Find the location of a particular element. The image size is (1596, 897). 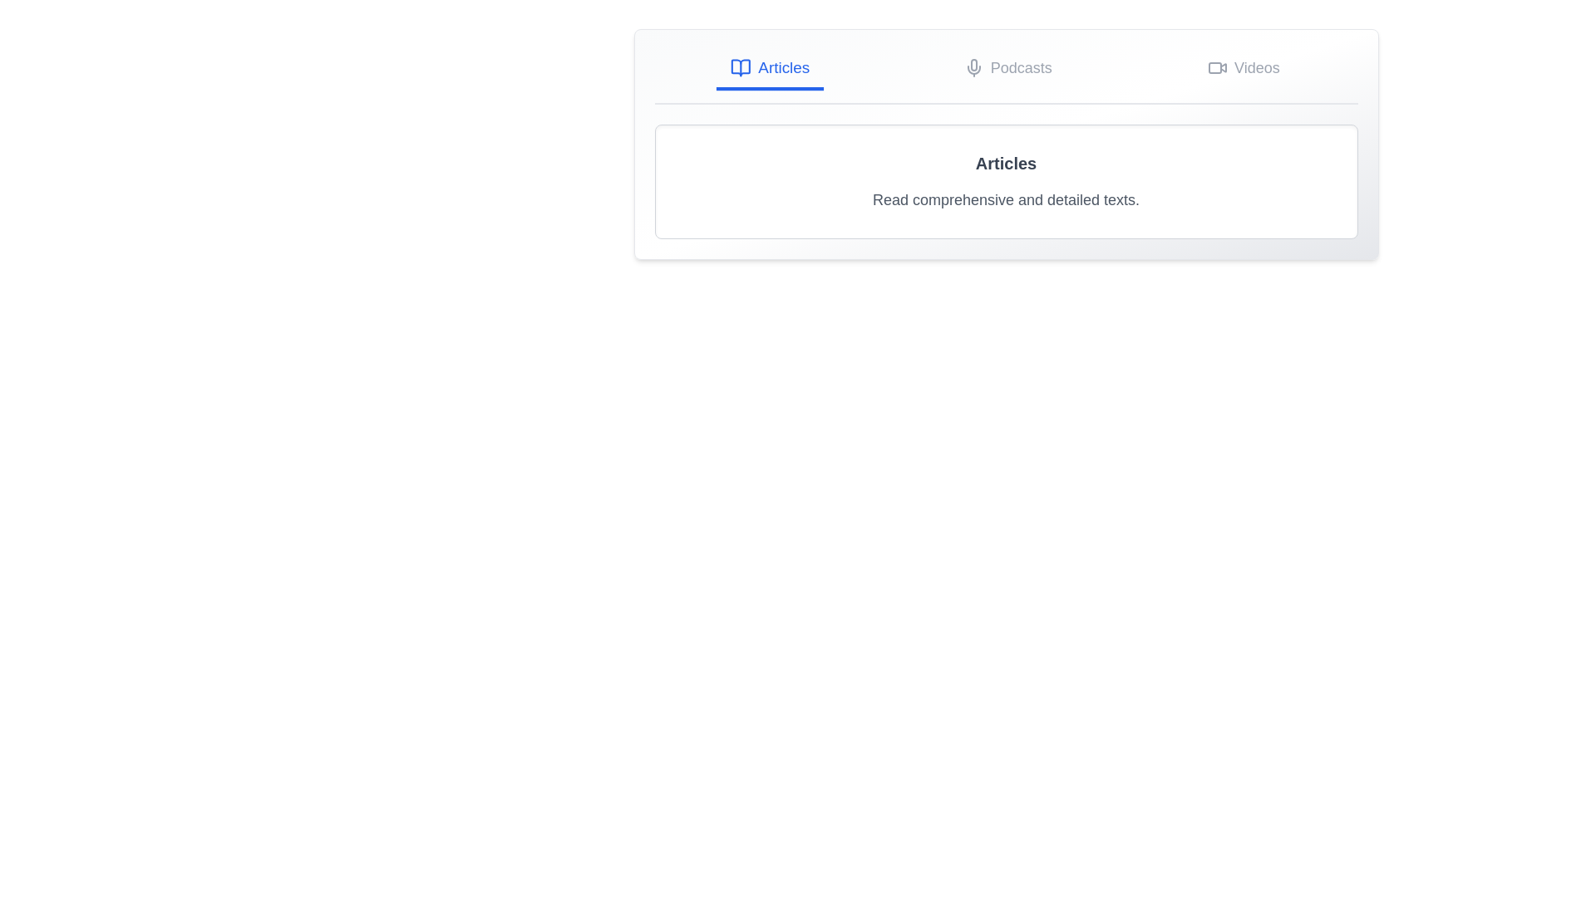

the Videos tab by clicking on its button is located at coordinates (1244, 69).